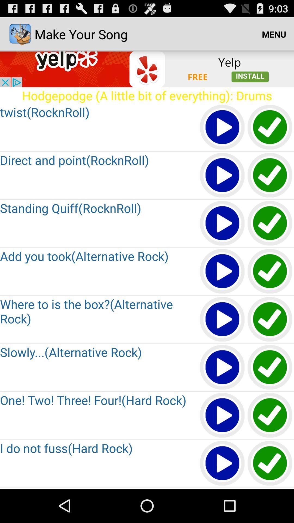  I want to click on song, so click(222, 272).